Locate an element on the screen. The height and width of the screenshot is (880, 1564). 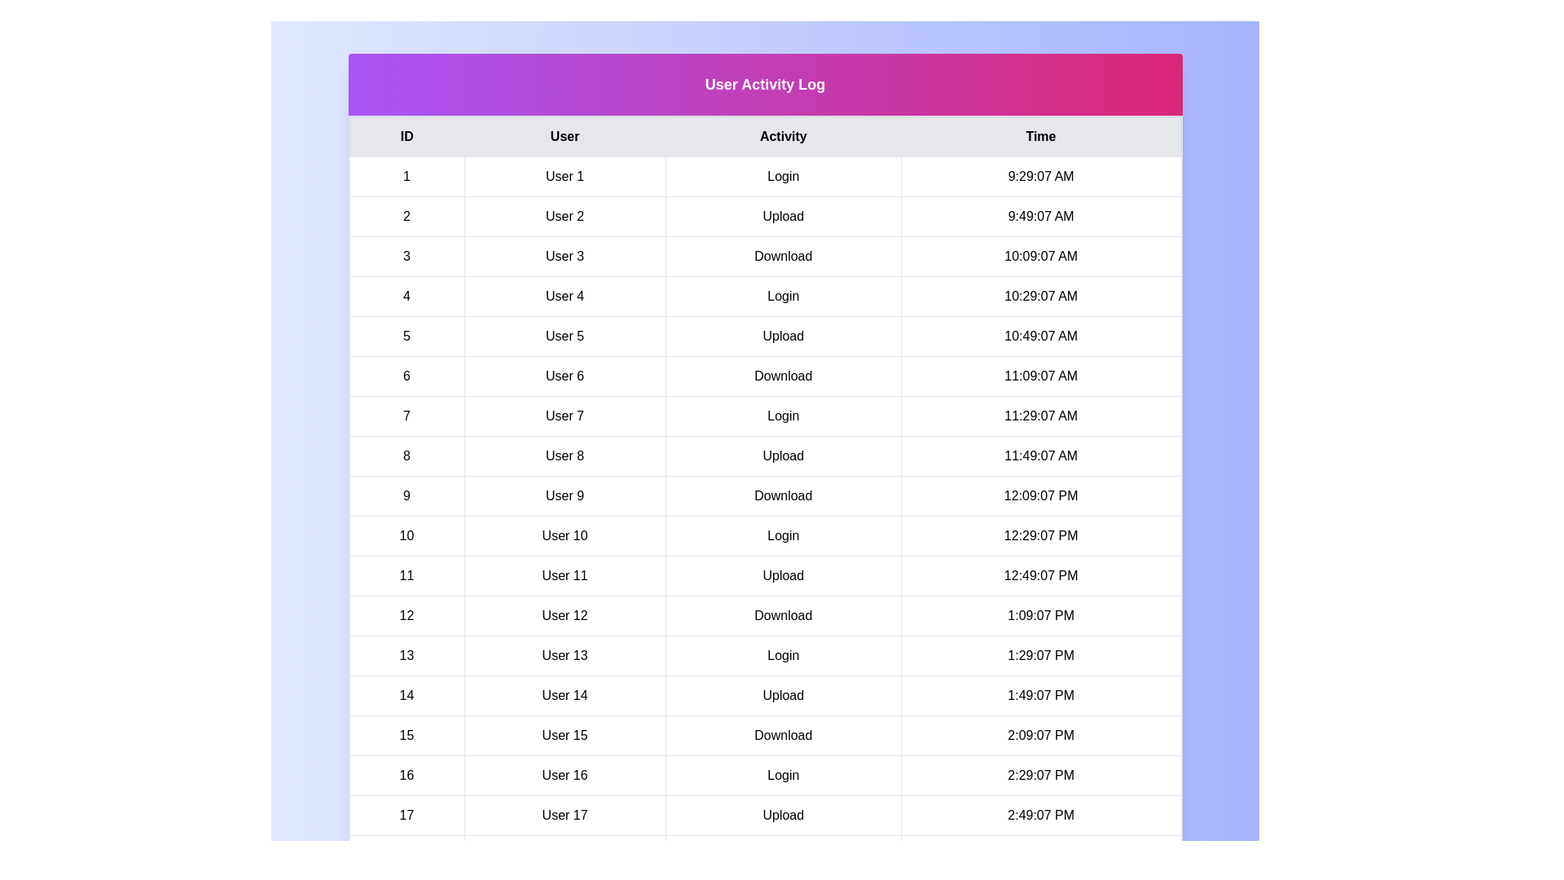
the row corresponding to 5 is located at coordinates (764, 335).